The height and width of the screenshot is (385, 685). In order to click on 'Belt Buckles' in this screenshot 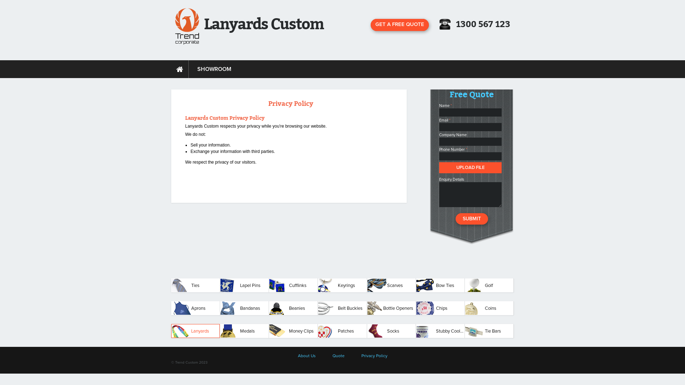, I will do `click(342, 308)`.